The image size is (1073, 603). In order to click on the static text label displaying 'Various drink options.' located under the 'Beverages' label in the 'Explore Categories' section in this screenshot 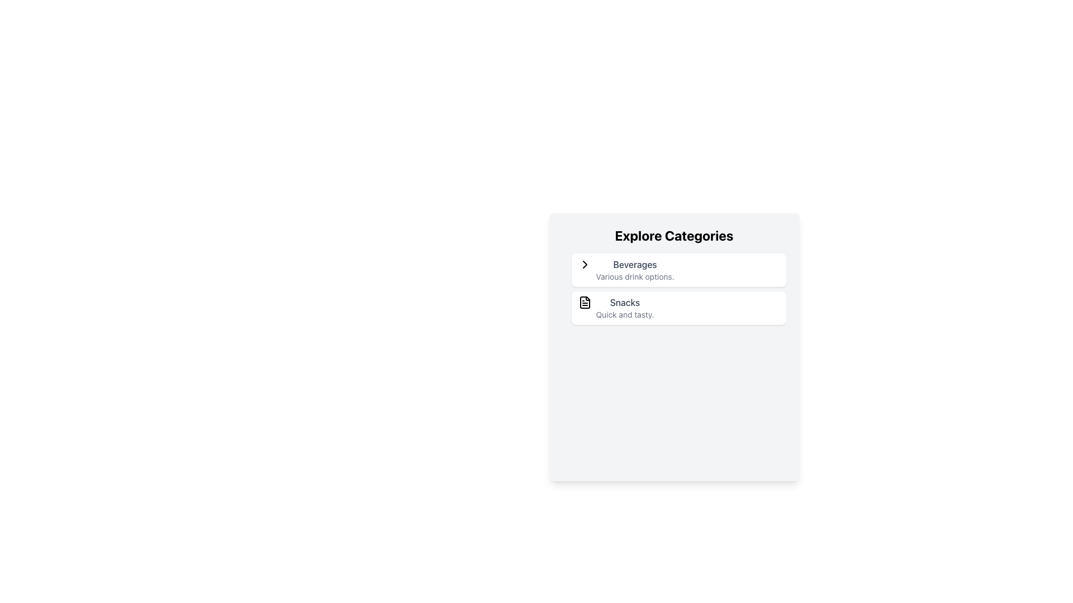, I will do `click(635, 276)`.